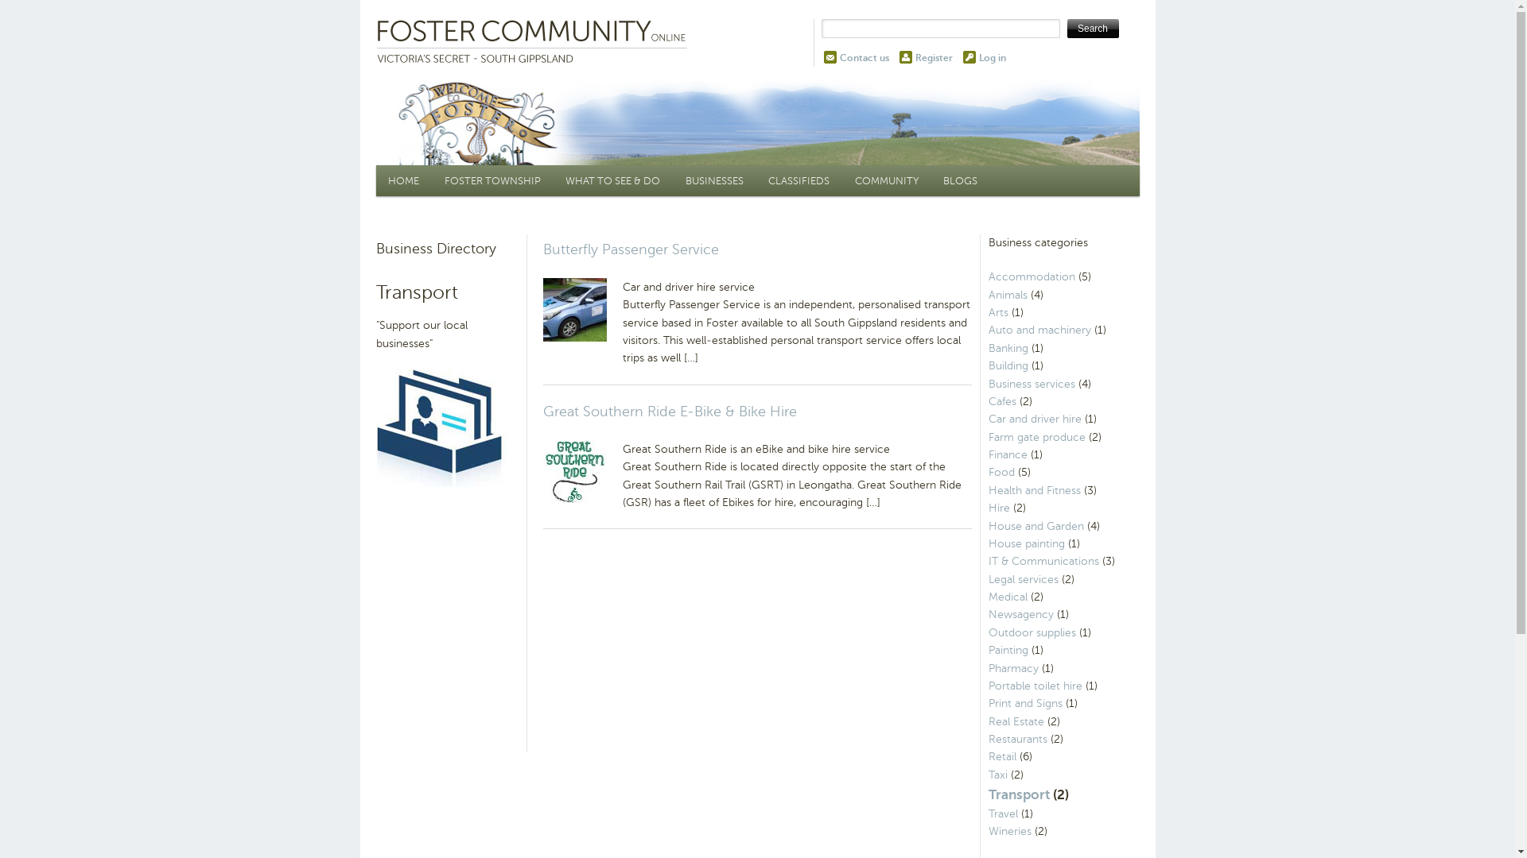 The image size is (1527, 858). I want to click on 'Real Estate', so click(987, 721).